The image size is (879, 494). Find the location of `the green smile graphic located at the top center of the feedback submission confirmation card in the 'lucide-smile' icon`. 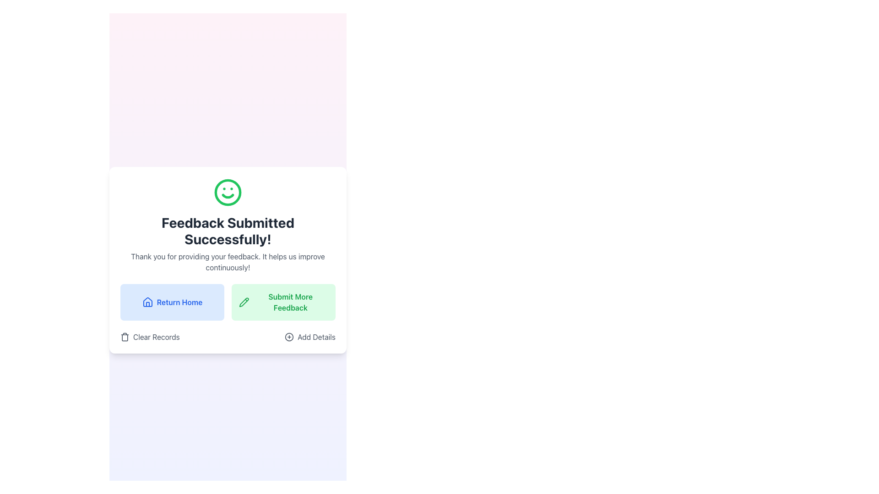

the green smile graphic located at the top center of the feedback submission confirmation card in the 'lucide-smile' icon is located at coordinates (228, 195).